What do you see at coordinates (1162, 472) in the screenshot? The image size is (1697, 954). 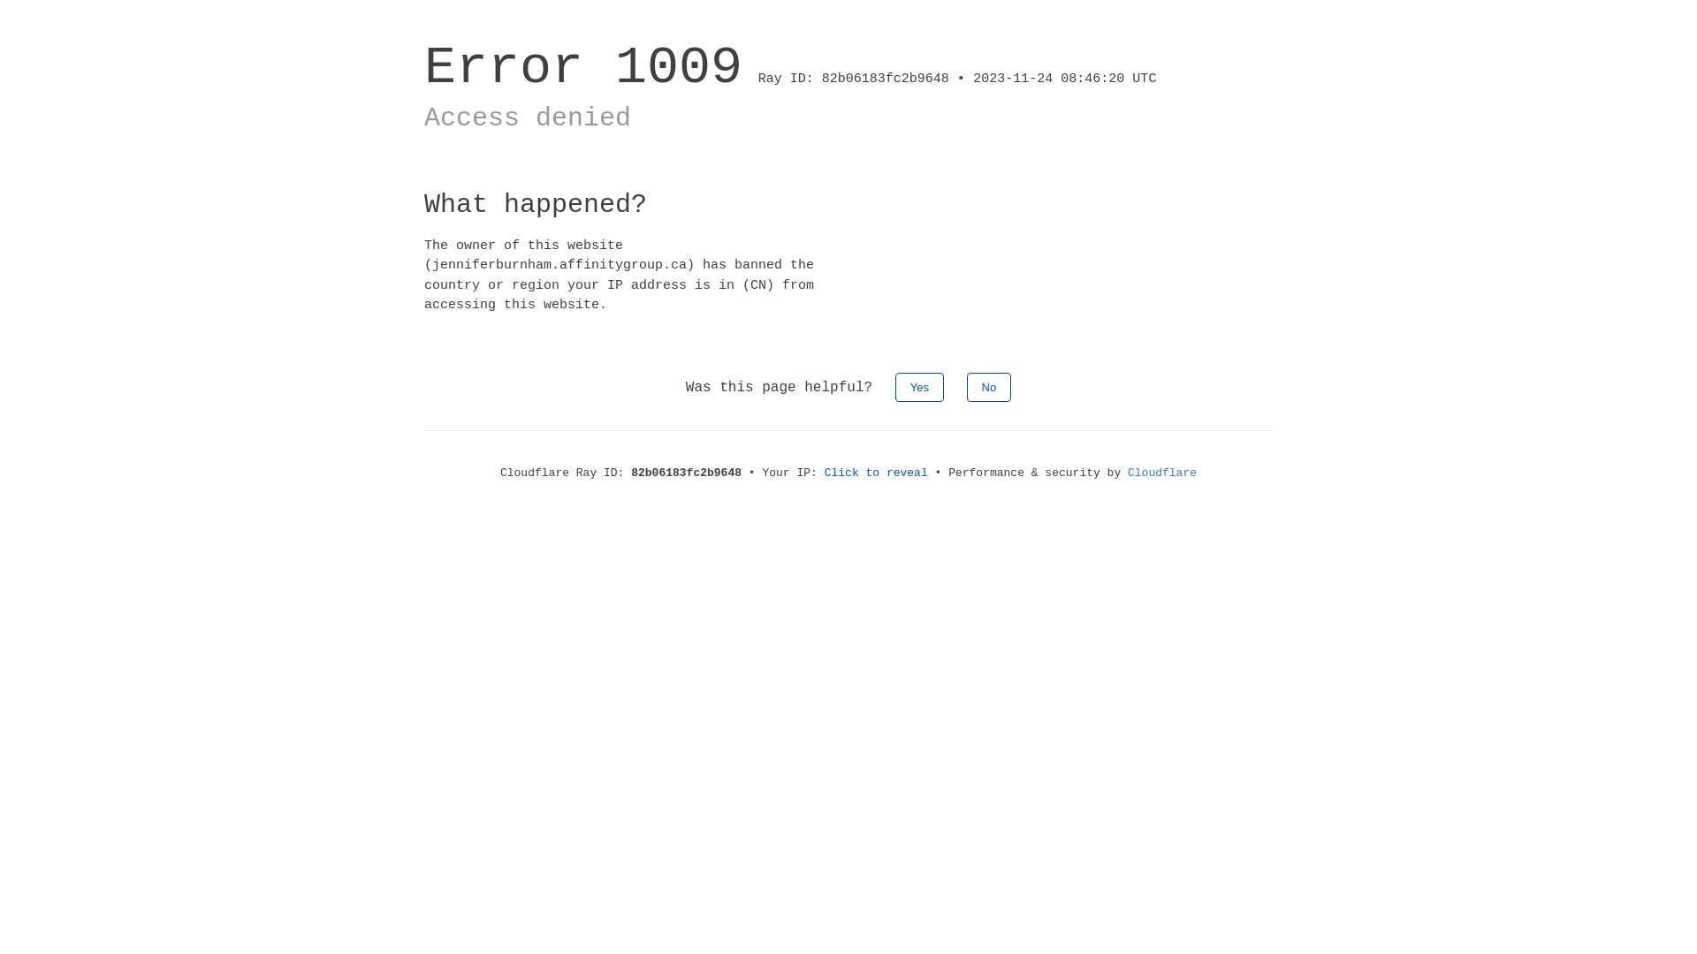 I see `'Cloudflare'` at bounding box center [1162, 472].